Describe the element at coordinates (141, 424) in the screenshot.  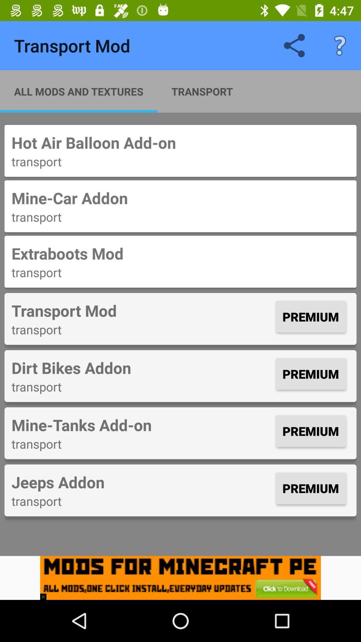
I see `icon above the transport` at that location.